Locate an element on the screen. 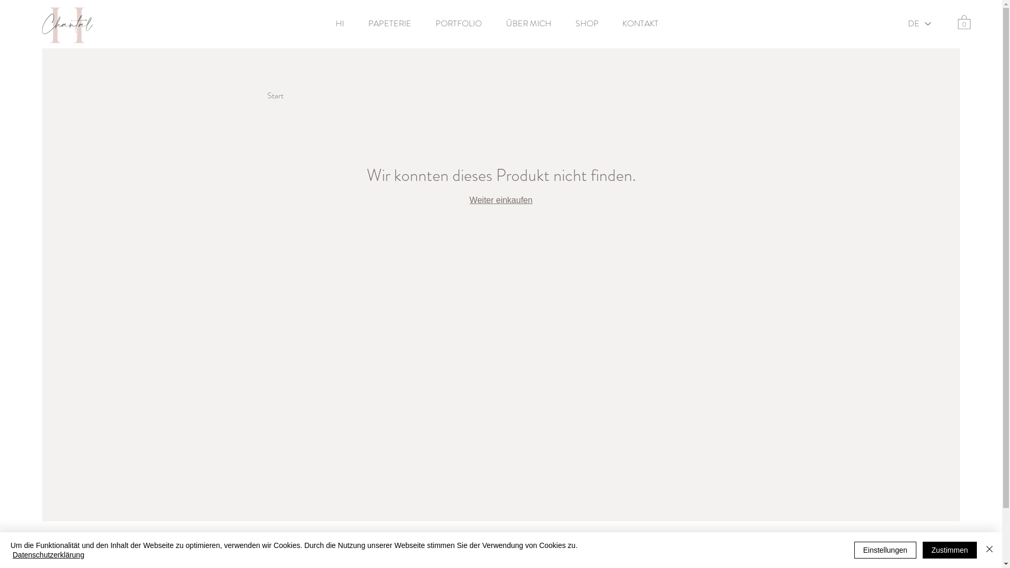  'Zustimmen' is located at coordinates (950, 549).